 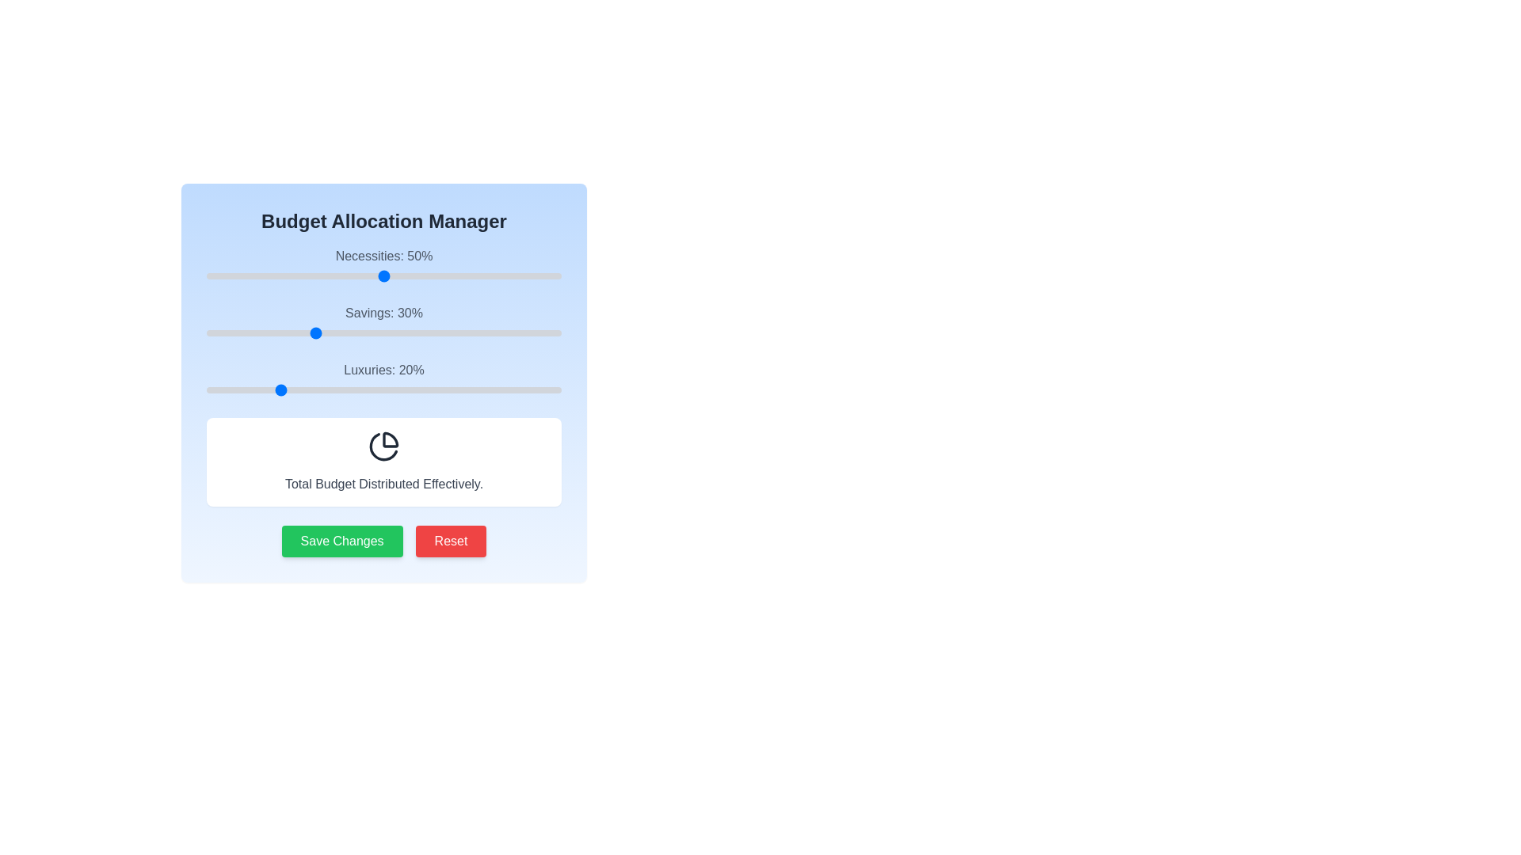 I want to click on the luxuries allocation, so click(x=330, y=390).